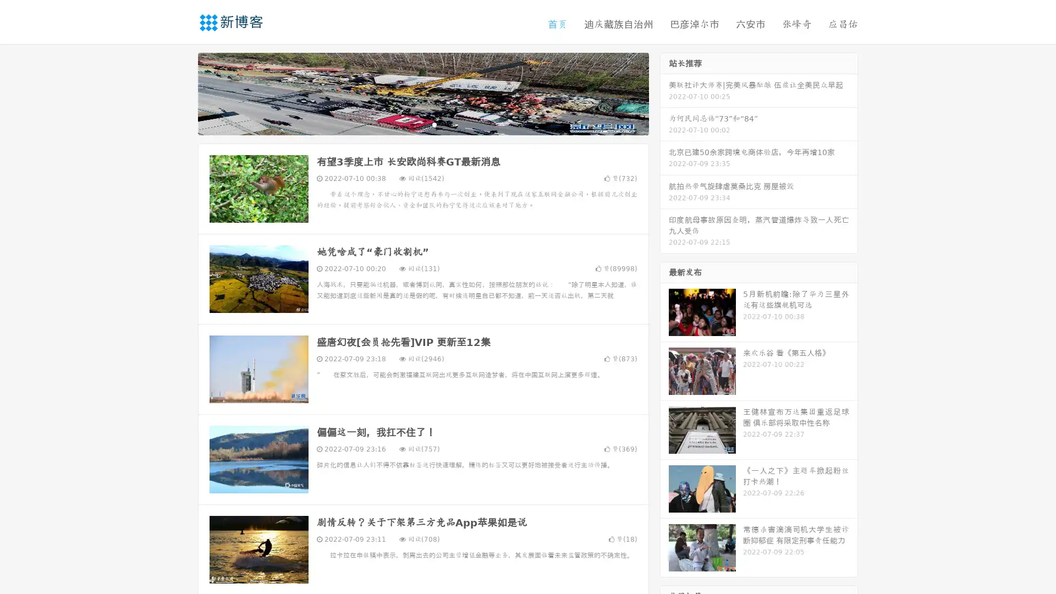 The width and height of the screenshot is (1056, 594). What do you see at coordinates (411, 124) in the screenshot?
I see `Go to slide 1` at bounding box center [411, 124].